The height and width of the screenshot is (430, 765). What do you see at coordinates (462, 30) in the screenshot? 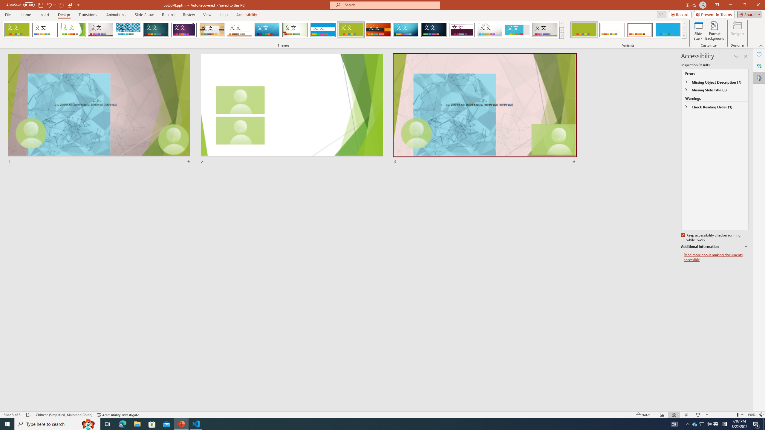
I see `'Dividend'` at bounding box center [462, 30].